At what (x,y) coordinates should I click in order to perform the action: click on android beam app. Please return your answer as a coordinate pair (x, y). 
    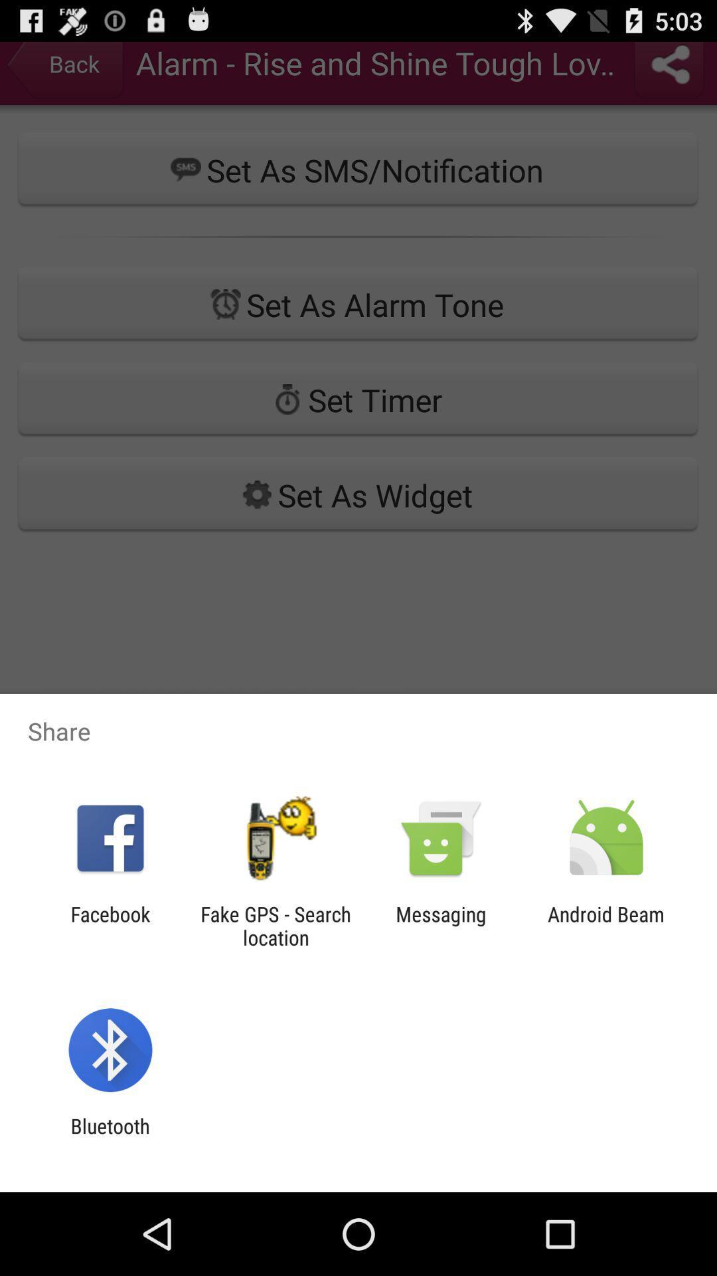
    Looking at the image, I should click on (606, 925).